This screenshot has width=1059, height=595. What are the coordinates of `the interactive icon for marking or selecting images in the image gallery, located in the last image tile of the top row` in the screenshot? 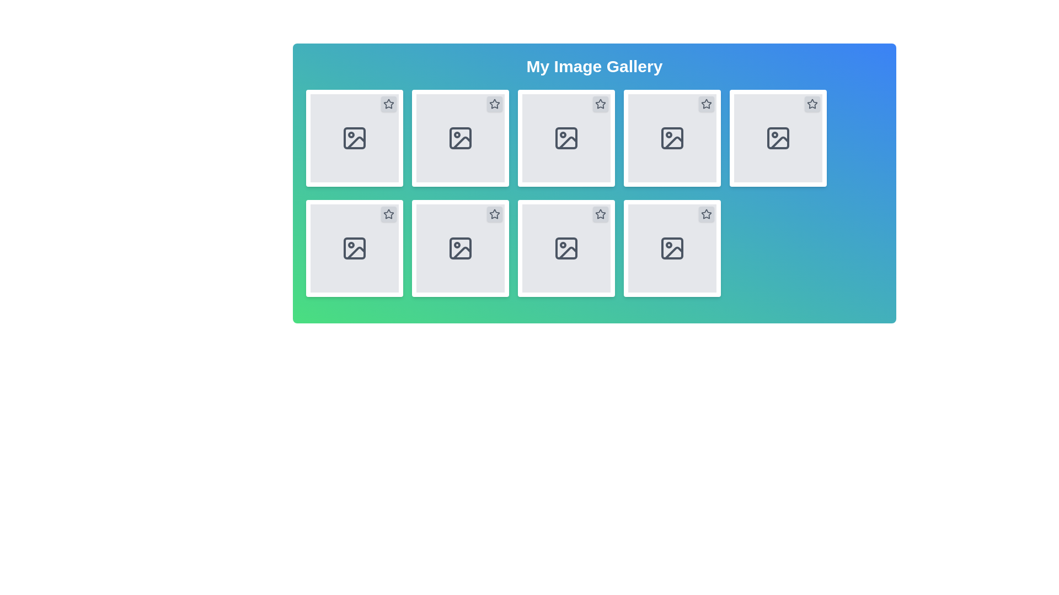 It's located at (812, 104).